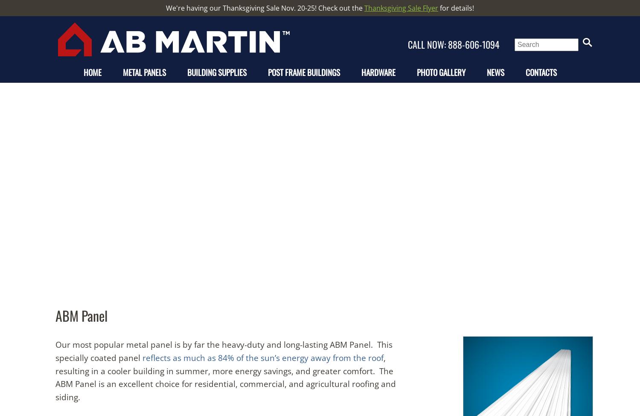 The width and height of the screenshot is (640, 416). What do you see at coordinates (401, 8) in the screenshot?
I see `'Thanksgiving Sale Flyer'` at bounding box center [401, 8].